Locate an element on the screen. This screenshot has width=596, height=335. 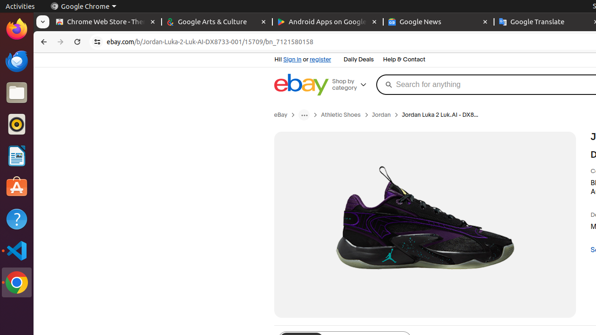
'Athletic Shoes' is located at coordinates (340, 114).